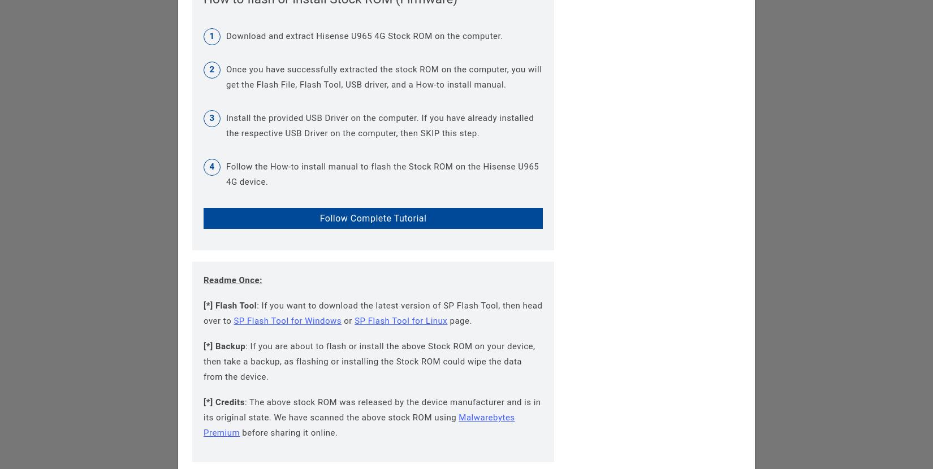 Image resolution: width=933 pixels, height=469 pixels. What do you see at coordinates (400, 320) in the screenshot?
I see `'SP Flash Tool for Linux'` at bounding box center [400, 320].